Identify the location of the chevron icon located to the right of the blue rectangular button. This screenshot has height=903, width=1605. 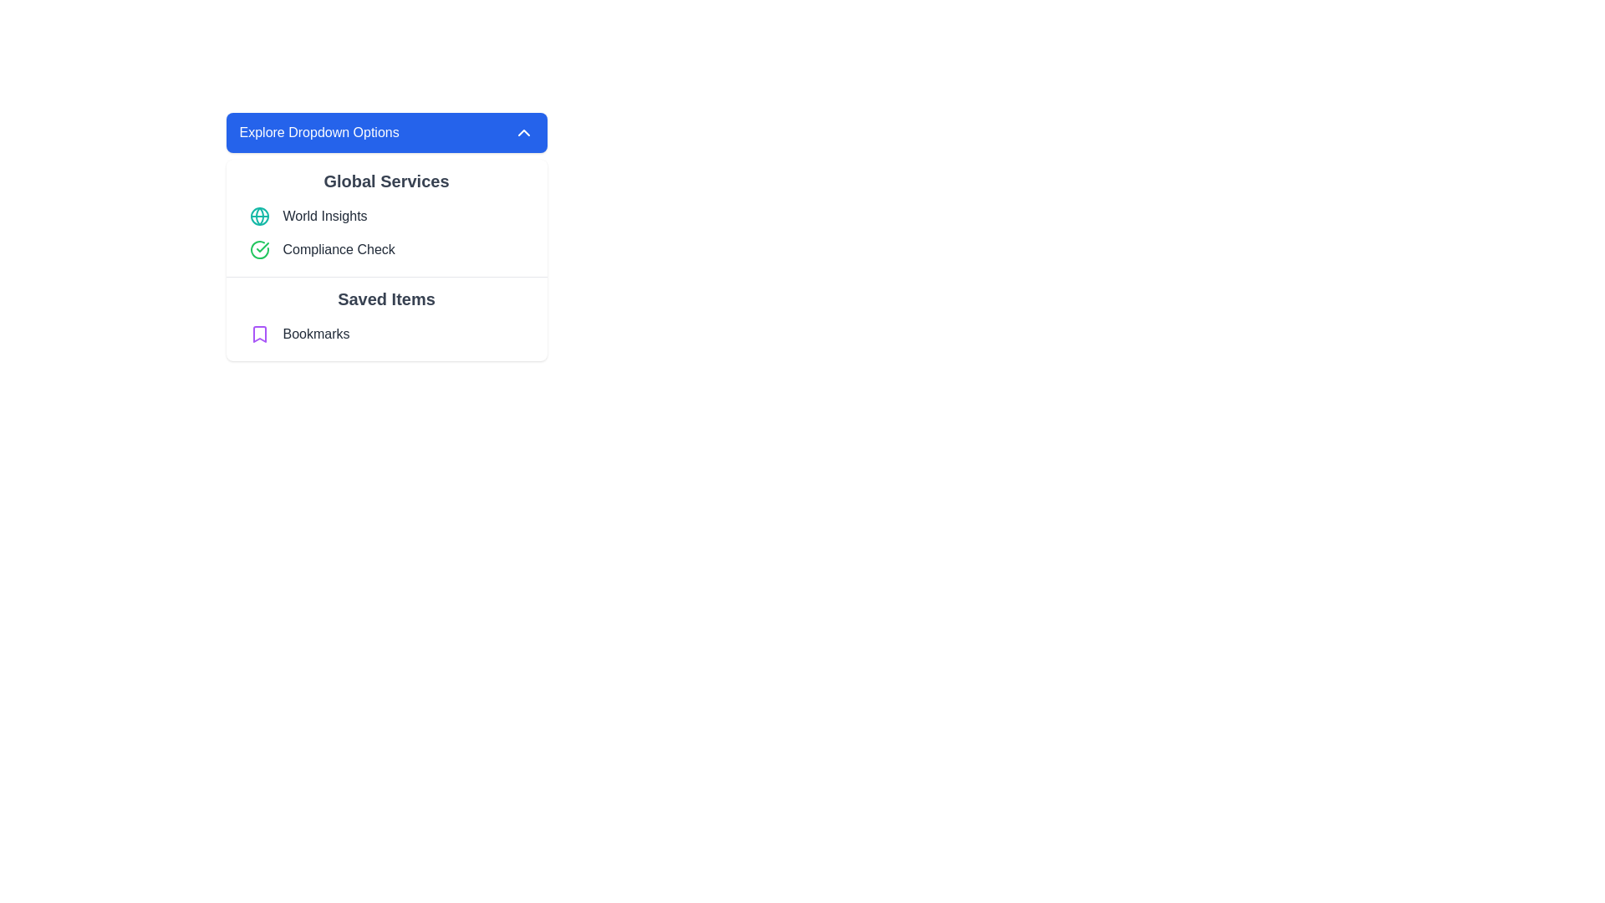
(522, 131).